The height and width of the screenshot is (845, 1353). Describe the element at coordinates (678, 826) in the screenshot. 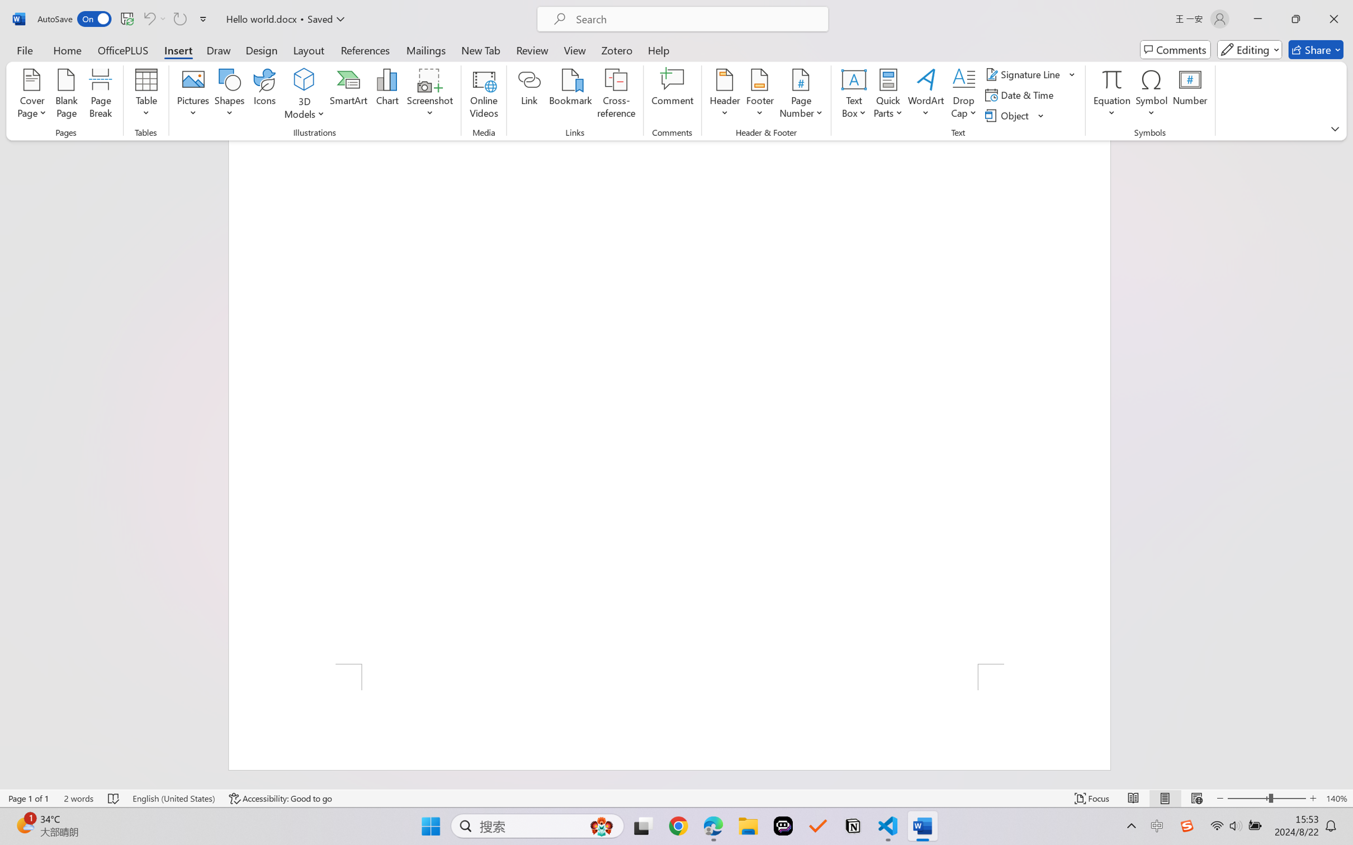

I see `'Google Chrome'` at that location.